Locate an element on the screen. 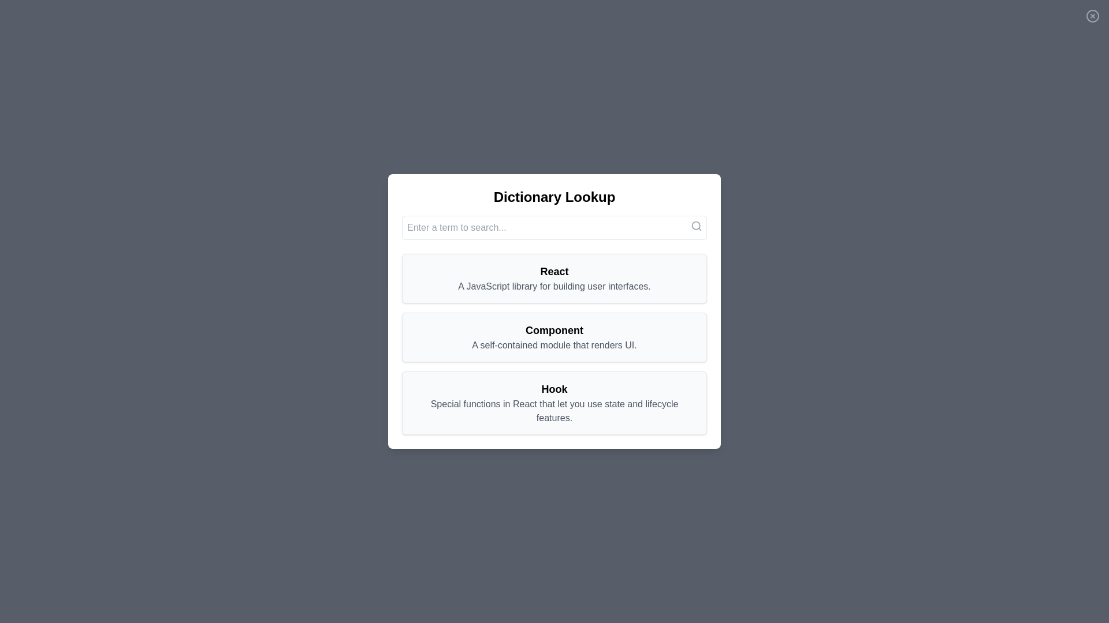 The width and height of the screenshot is (1109, 623). the close button to dismiss the dialog is located at coordinates (1092, 16).